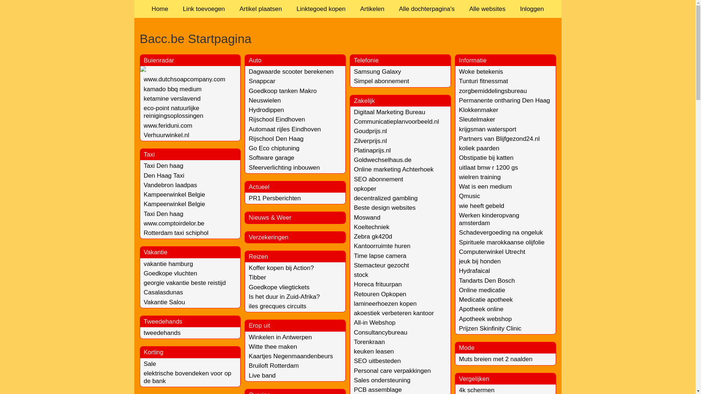 The image size is (701, 394). Describe the element at coordinates (354, 275) in the screenshot. I see `'stock'` at that location.